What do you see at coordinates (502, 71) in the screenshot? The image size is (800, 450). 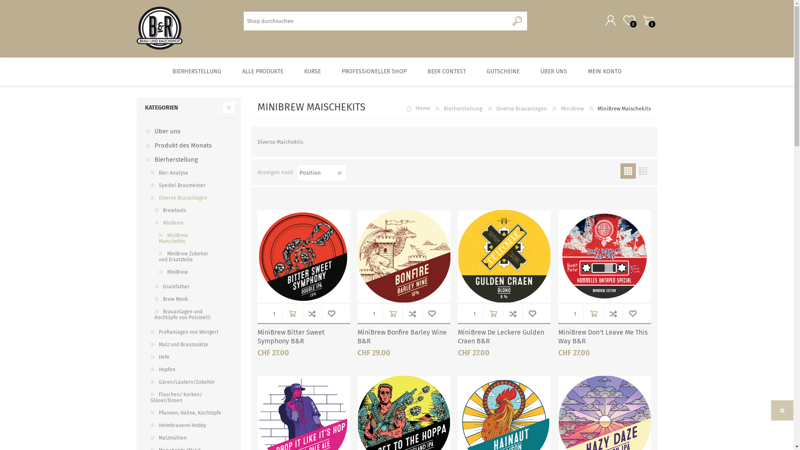 I see `'GUTSCHEINE'` at bounding box center [502, 71].